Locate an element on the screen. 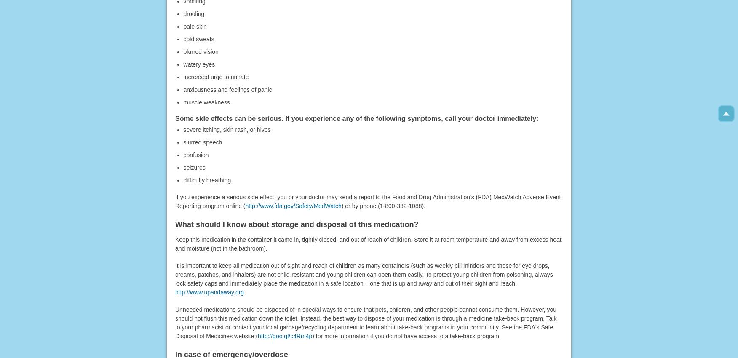 The height and width of the screenshot is (358, 738). 'confusion' is located at coordinates (195, 154).